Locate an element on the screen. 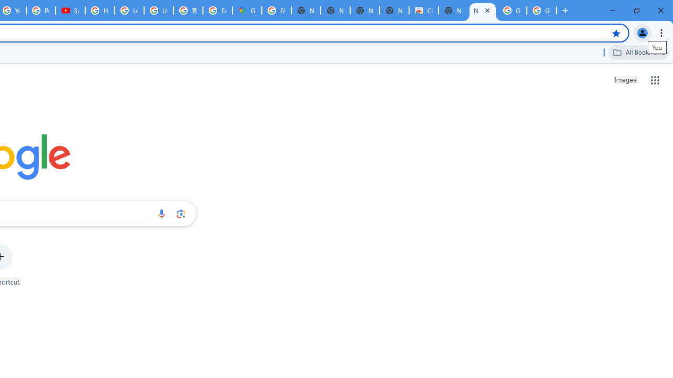 The image size is (673, 378). 'Google Images' is located at coordinates (512, 10).